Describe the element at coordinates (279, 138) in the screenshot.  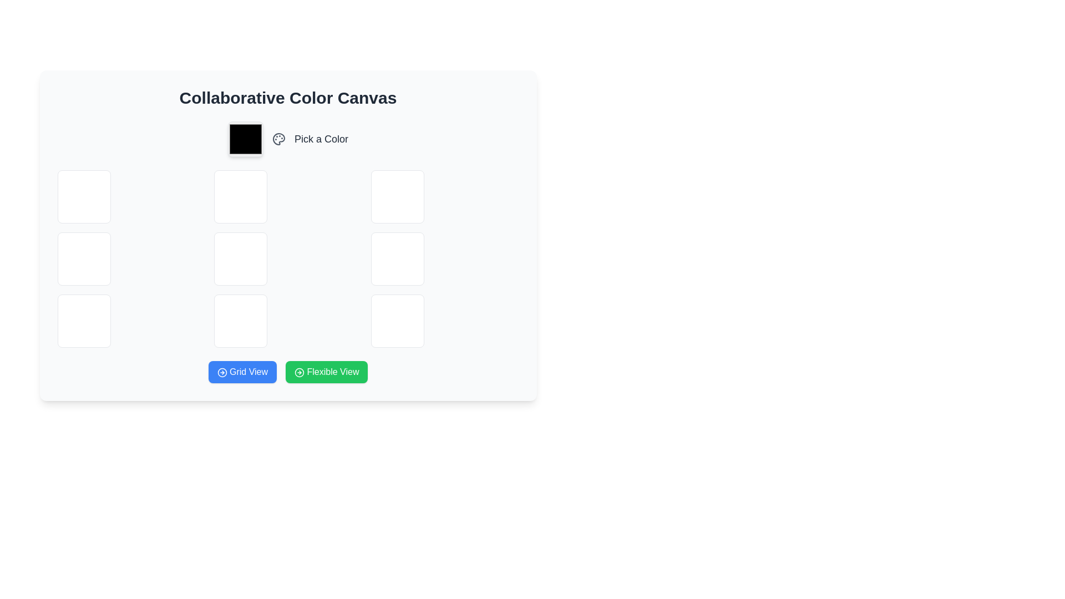
I see `the palette-like icon with multiple small holes resembling paint spots, styled in gray color, located to the right of the black color box and aligned horizontally with the 'Pick a Color.' label` at that location.